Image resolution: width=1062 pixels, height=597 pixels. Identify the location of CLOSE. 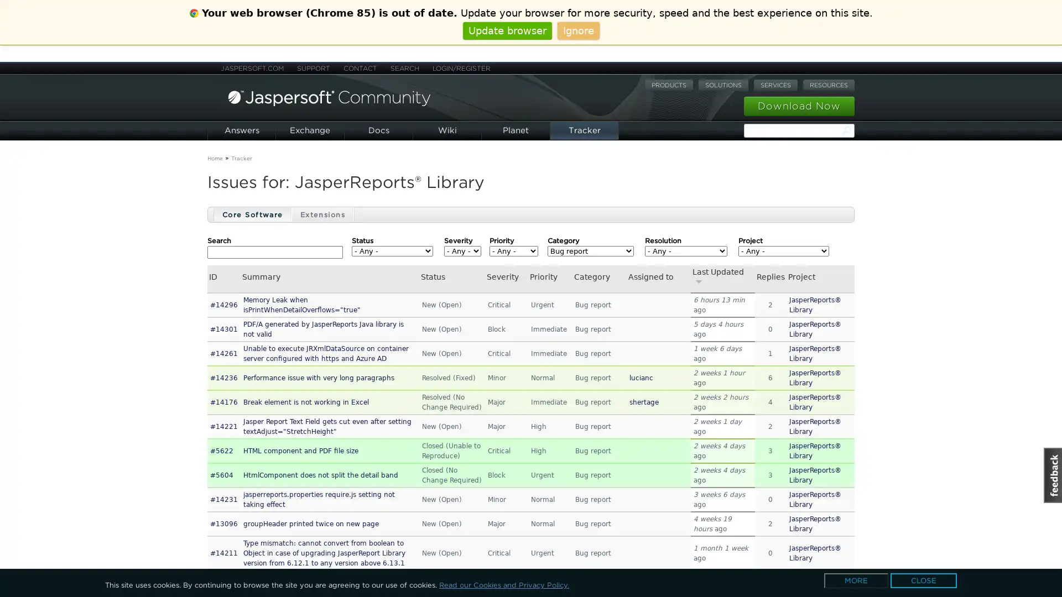
(924, 580).